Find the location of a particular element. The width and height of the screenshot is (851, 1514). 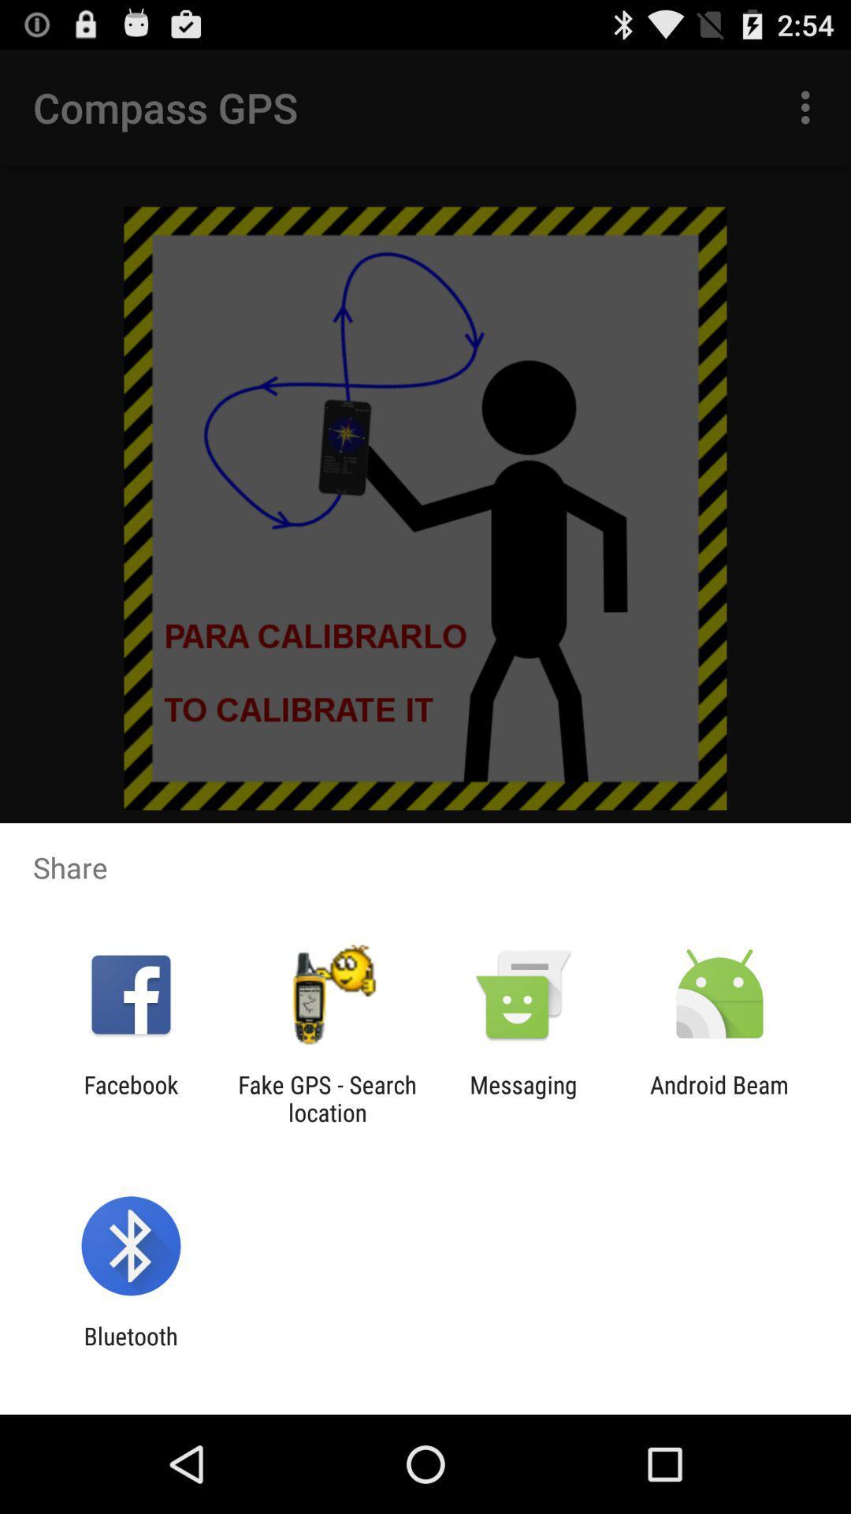

item to the left of android beam is located at coordinates (523, 1098).